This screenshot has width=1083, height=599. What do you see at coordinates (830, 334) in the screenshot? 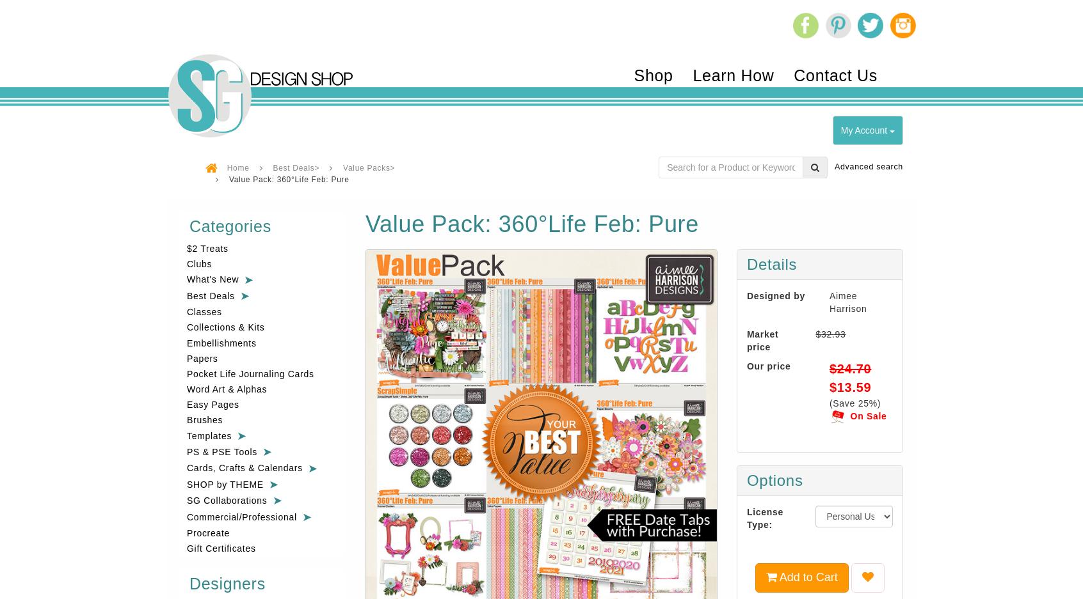
I see `'$32.93'` at bounding box center [830, 334].